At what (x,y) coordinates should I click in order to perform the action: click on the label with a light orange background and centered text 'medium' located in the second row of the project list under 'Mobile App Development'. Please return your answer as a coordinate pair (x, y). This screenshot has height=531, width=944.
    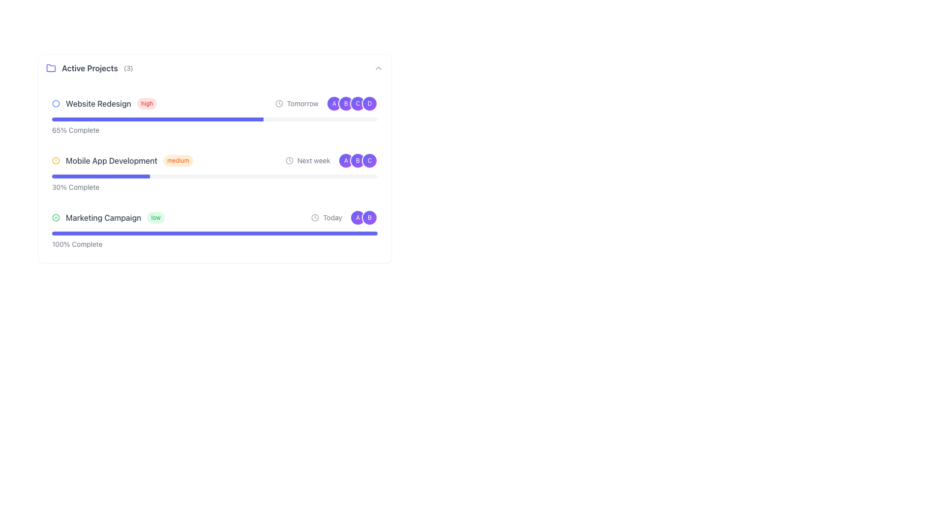
    Looking at the image, I should click on (178, 160).